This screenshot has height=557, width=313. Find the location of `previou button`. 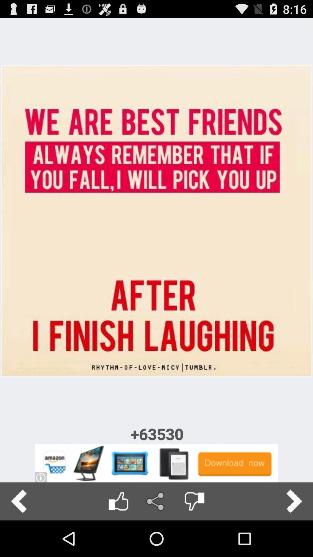

previou button is located at coordinates (19, 501).